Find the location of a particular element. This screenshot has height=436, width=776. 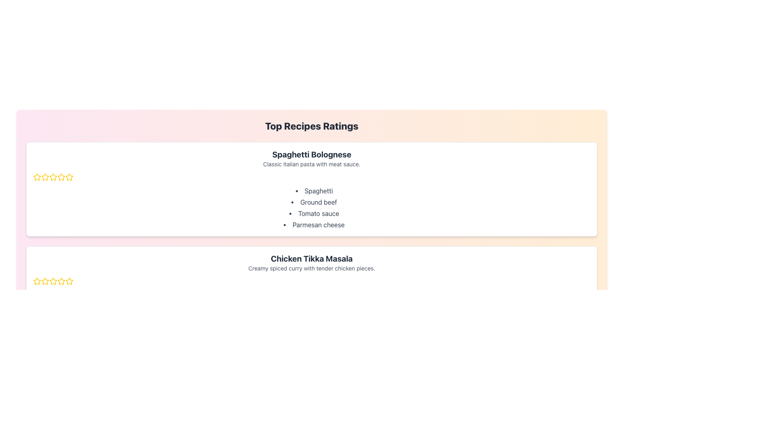

the first star in the rating system for the 'Chicken Tikka Masala' section is located at coordinates (44, 281).